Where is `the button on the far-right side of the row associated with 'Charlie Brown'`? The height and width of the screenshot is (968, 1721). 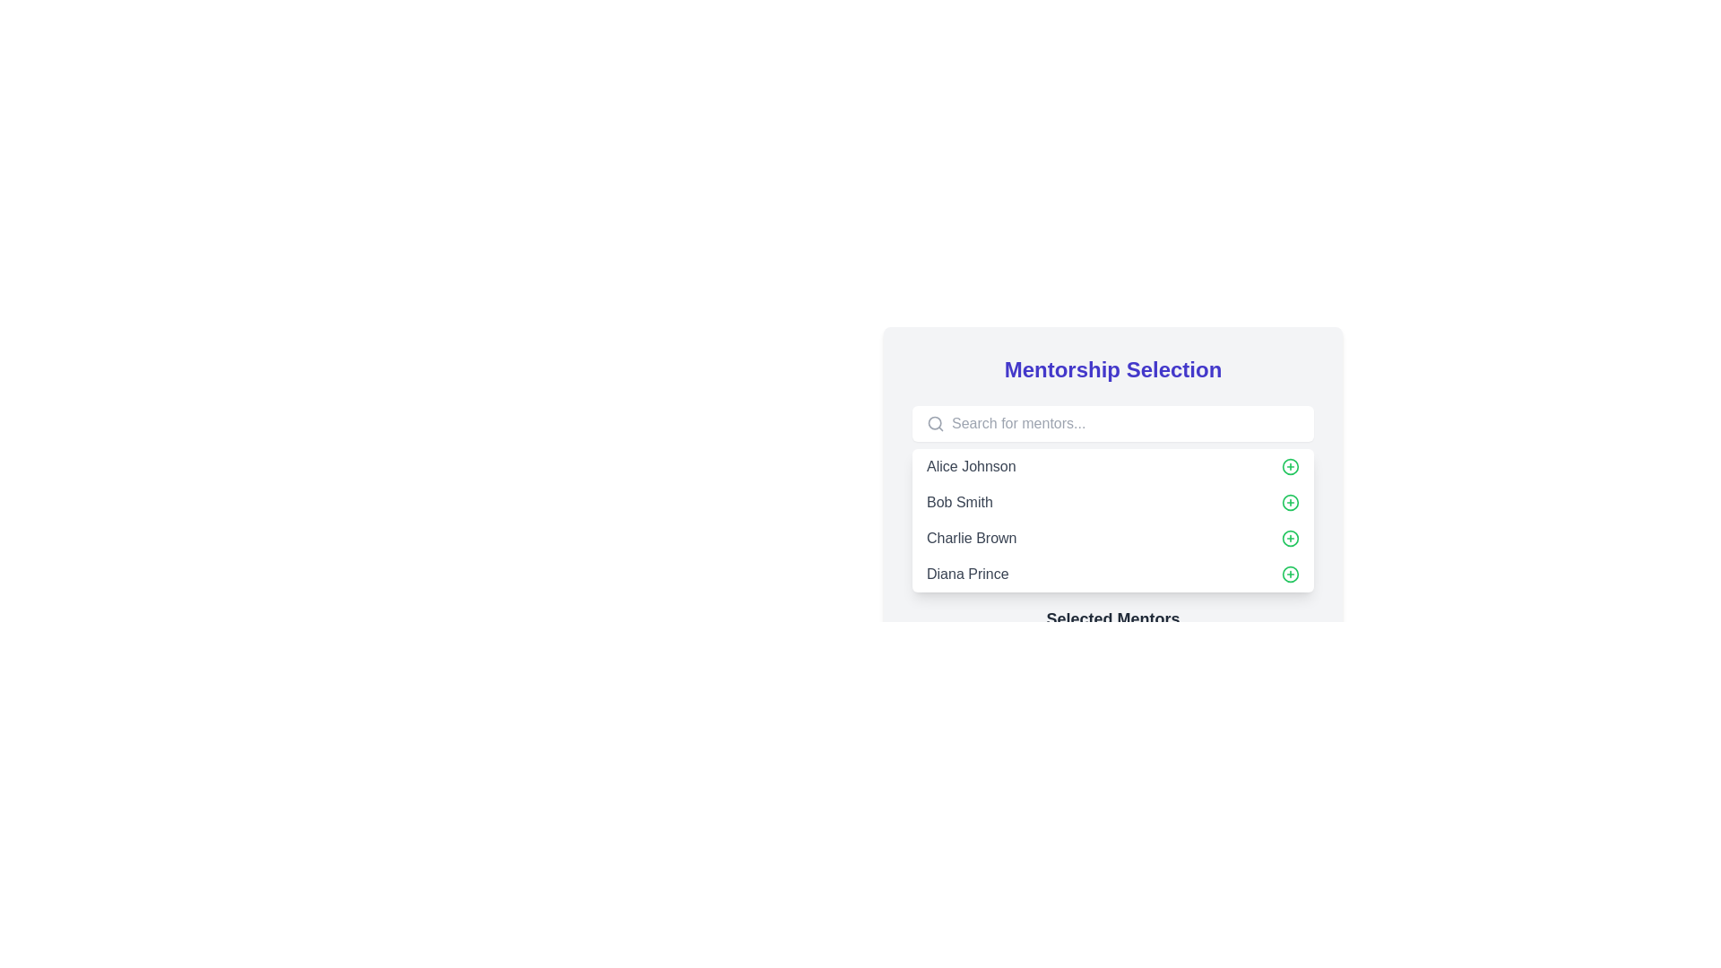 the button on the far-right side of the row associated with 'Charlie Brown' is located at coordinates (1291, 538).